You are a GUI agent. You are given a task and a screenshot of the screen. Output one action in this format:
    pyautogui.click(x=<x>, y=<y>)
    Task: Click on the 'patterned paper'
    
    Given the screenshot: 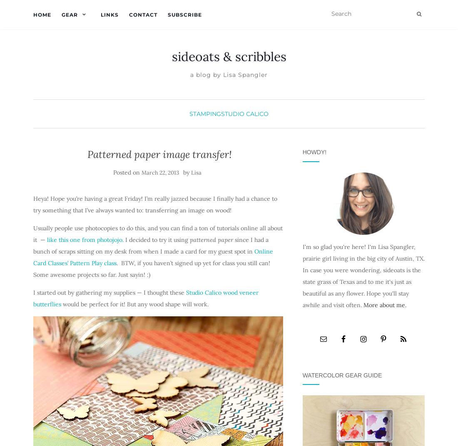 What is the action you would take?
    pyautogui.click(x=211, y=239)
    